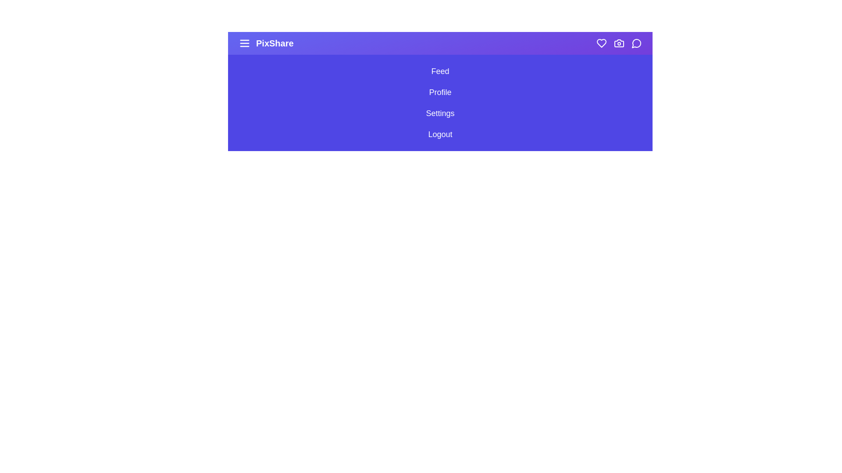  I want to click on the Camera icon to access photo-related functionality, so click(618, 43).